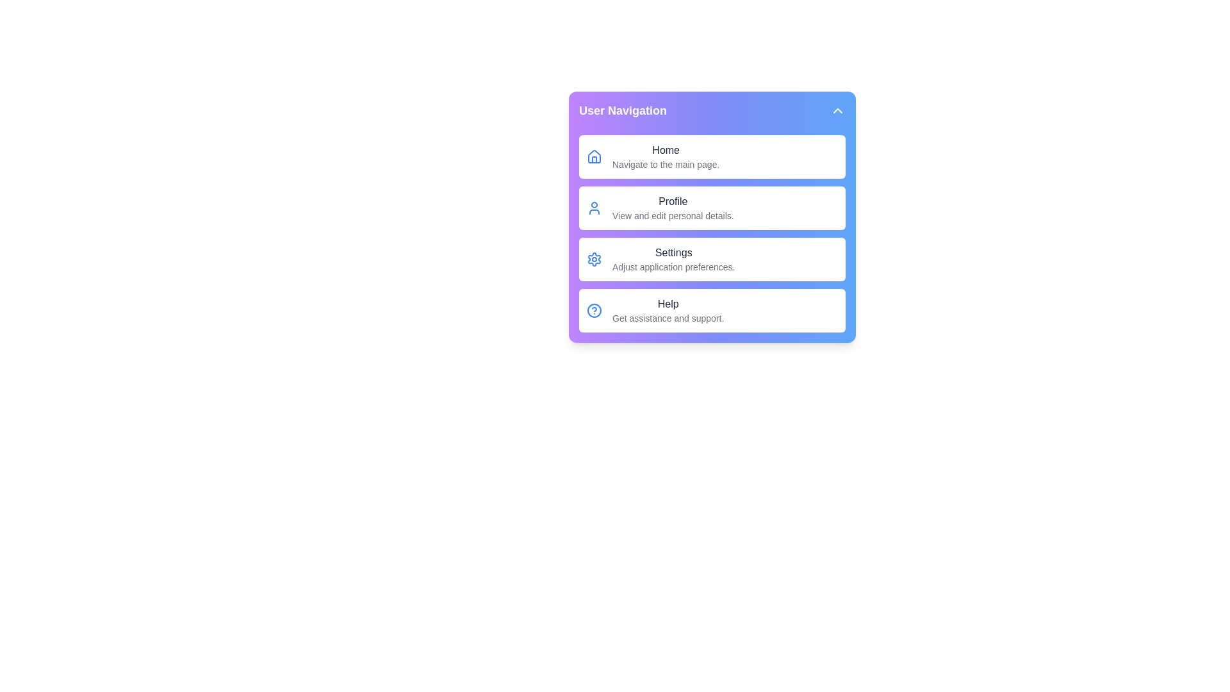 This screenshot has width=1230, height=692. What do you see at coordinates (593, 259) in the screenshot?
I see `the Settings icon in the dropdown menu` at bounding box center [593, 259].